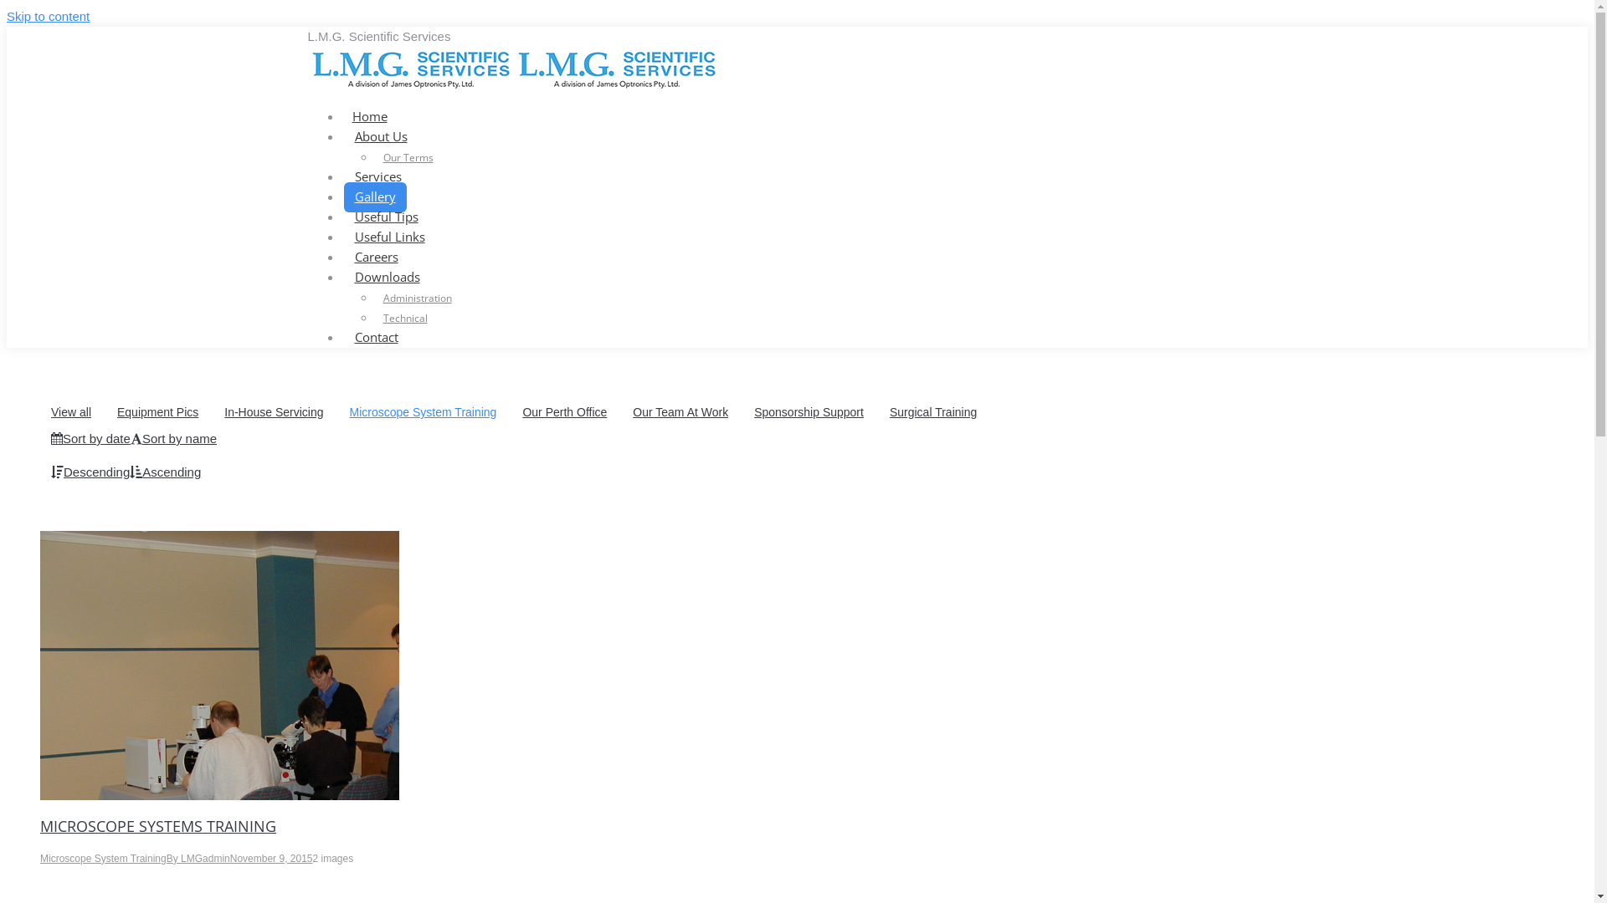 Image resolution: width=1607 pixels, height=903 pixels. Describe the element at coordinates (932, 412) in the screenshot. I see `'Surgical Training'` at that location.